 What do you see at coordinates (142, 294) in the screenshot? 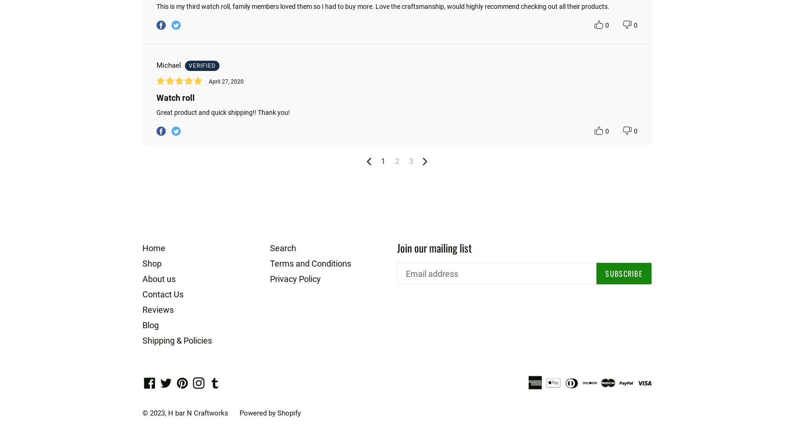
I see `'Contact Us'` at bounding box center [142, 294].